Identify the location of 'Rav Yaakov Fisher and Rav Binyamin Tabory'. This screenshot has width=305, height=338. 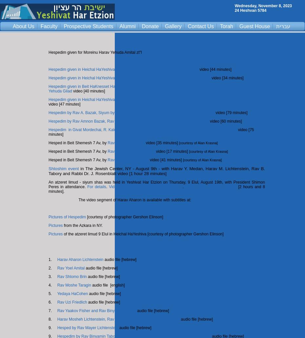
(96, 310).